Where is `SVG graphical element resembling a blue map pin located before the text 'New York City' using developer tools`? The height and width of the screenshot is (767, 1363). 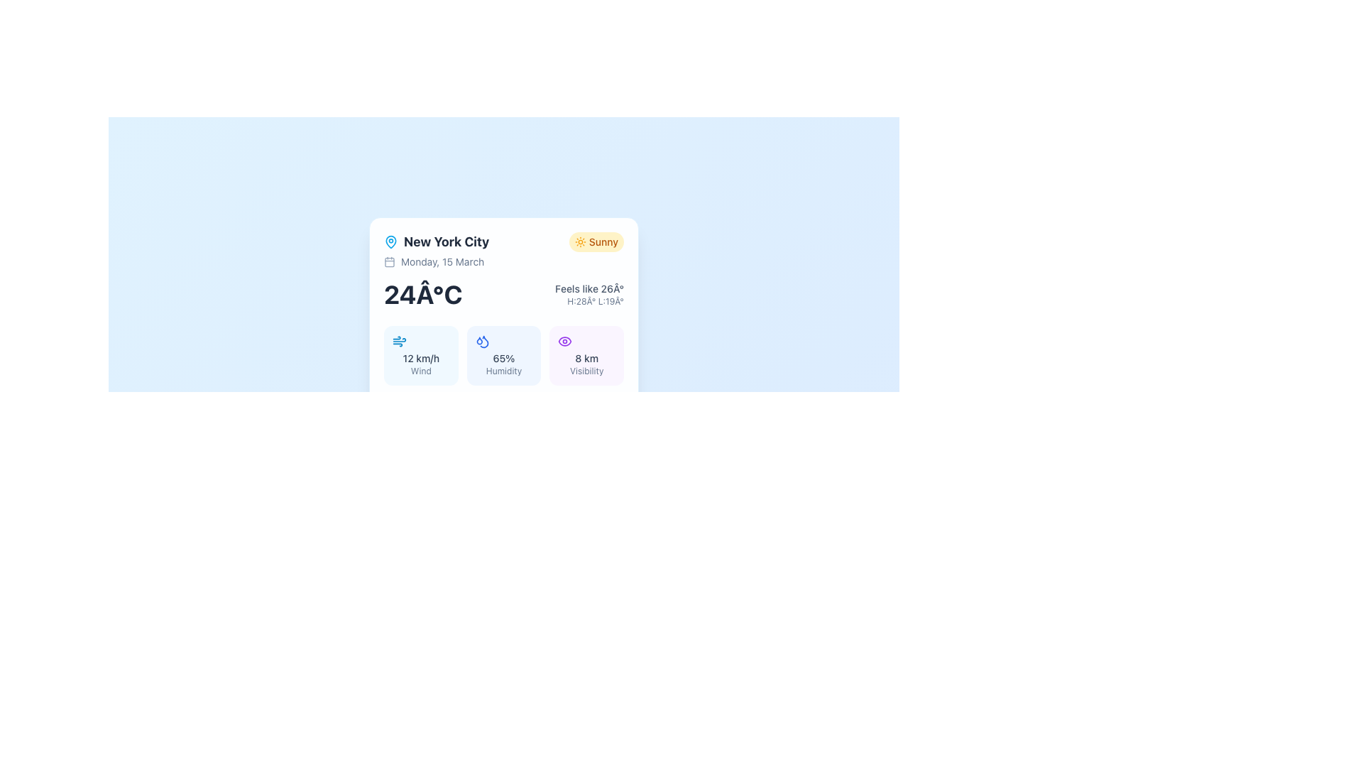 SVG graphical element resembling a blue map pin located before the text 'New York City' using developer tools is located at coordinates (391, 240).